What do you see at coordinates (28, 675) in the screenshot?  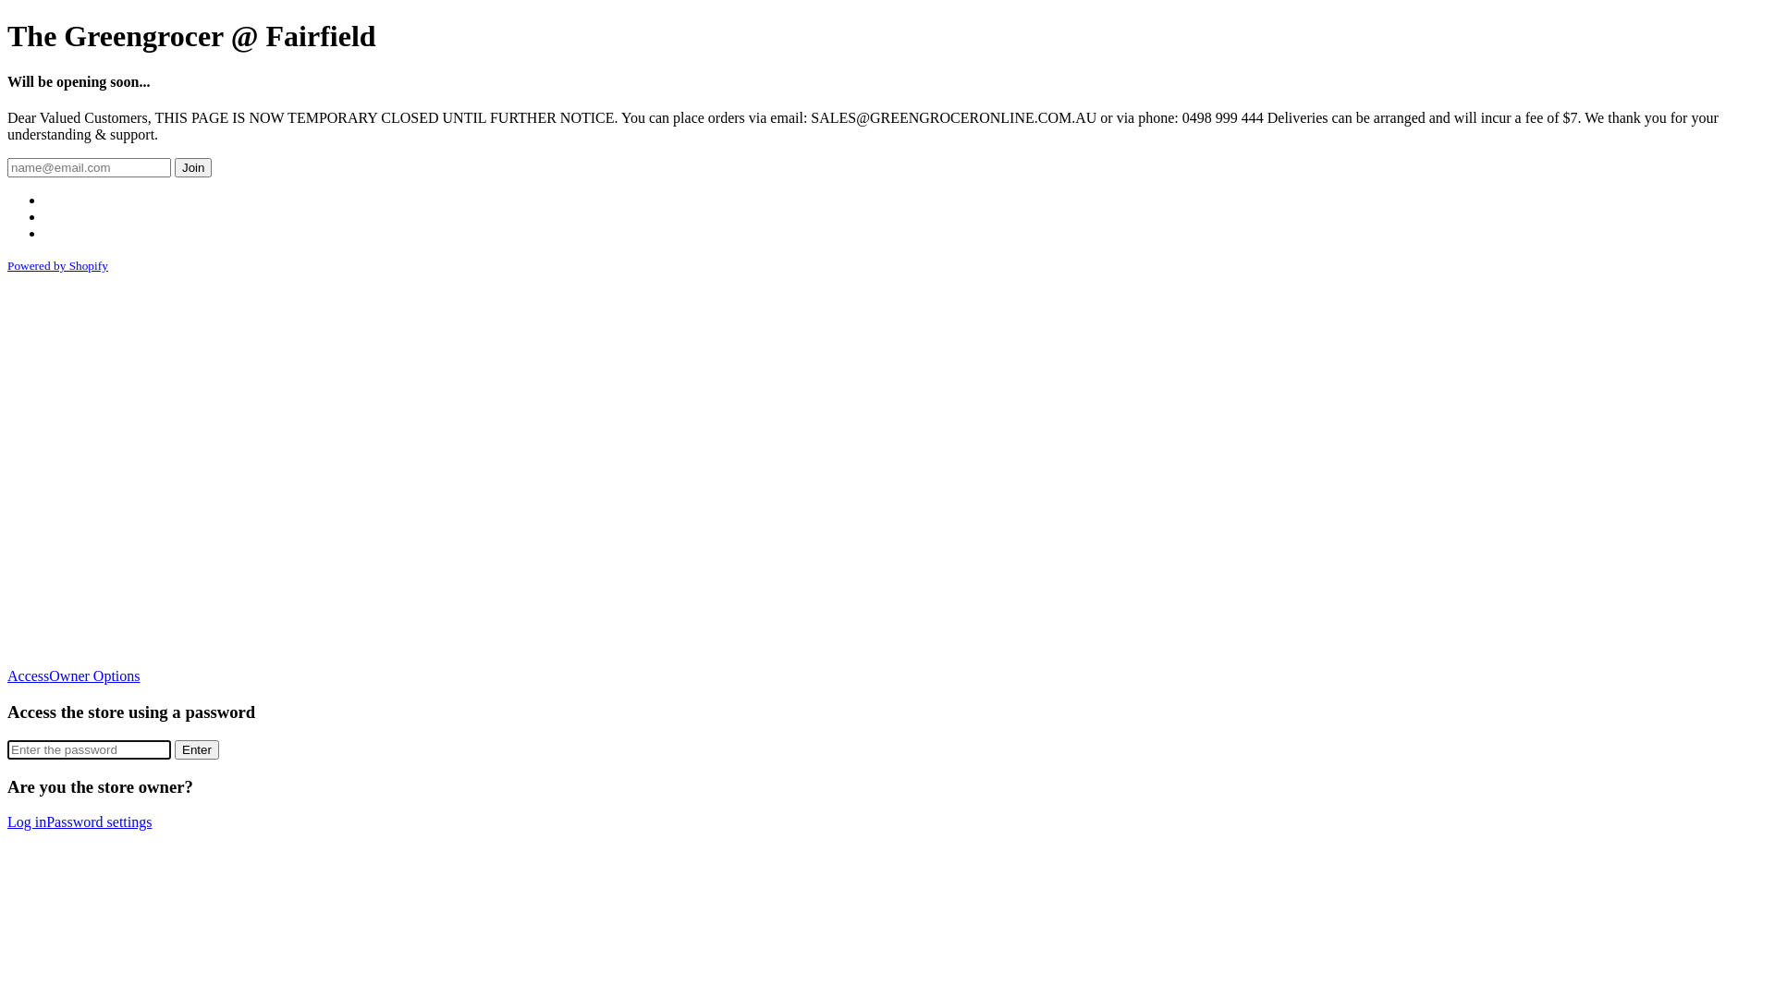 I see `'Access'` at bounding box center [28, 675].